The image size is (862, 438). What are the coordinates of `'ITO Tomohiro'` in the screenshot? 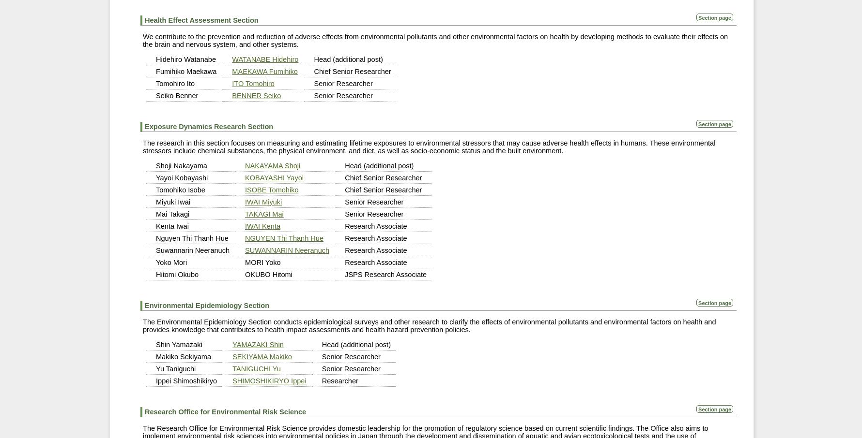 It's located at (252, 83).